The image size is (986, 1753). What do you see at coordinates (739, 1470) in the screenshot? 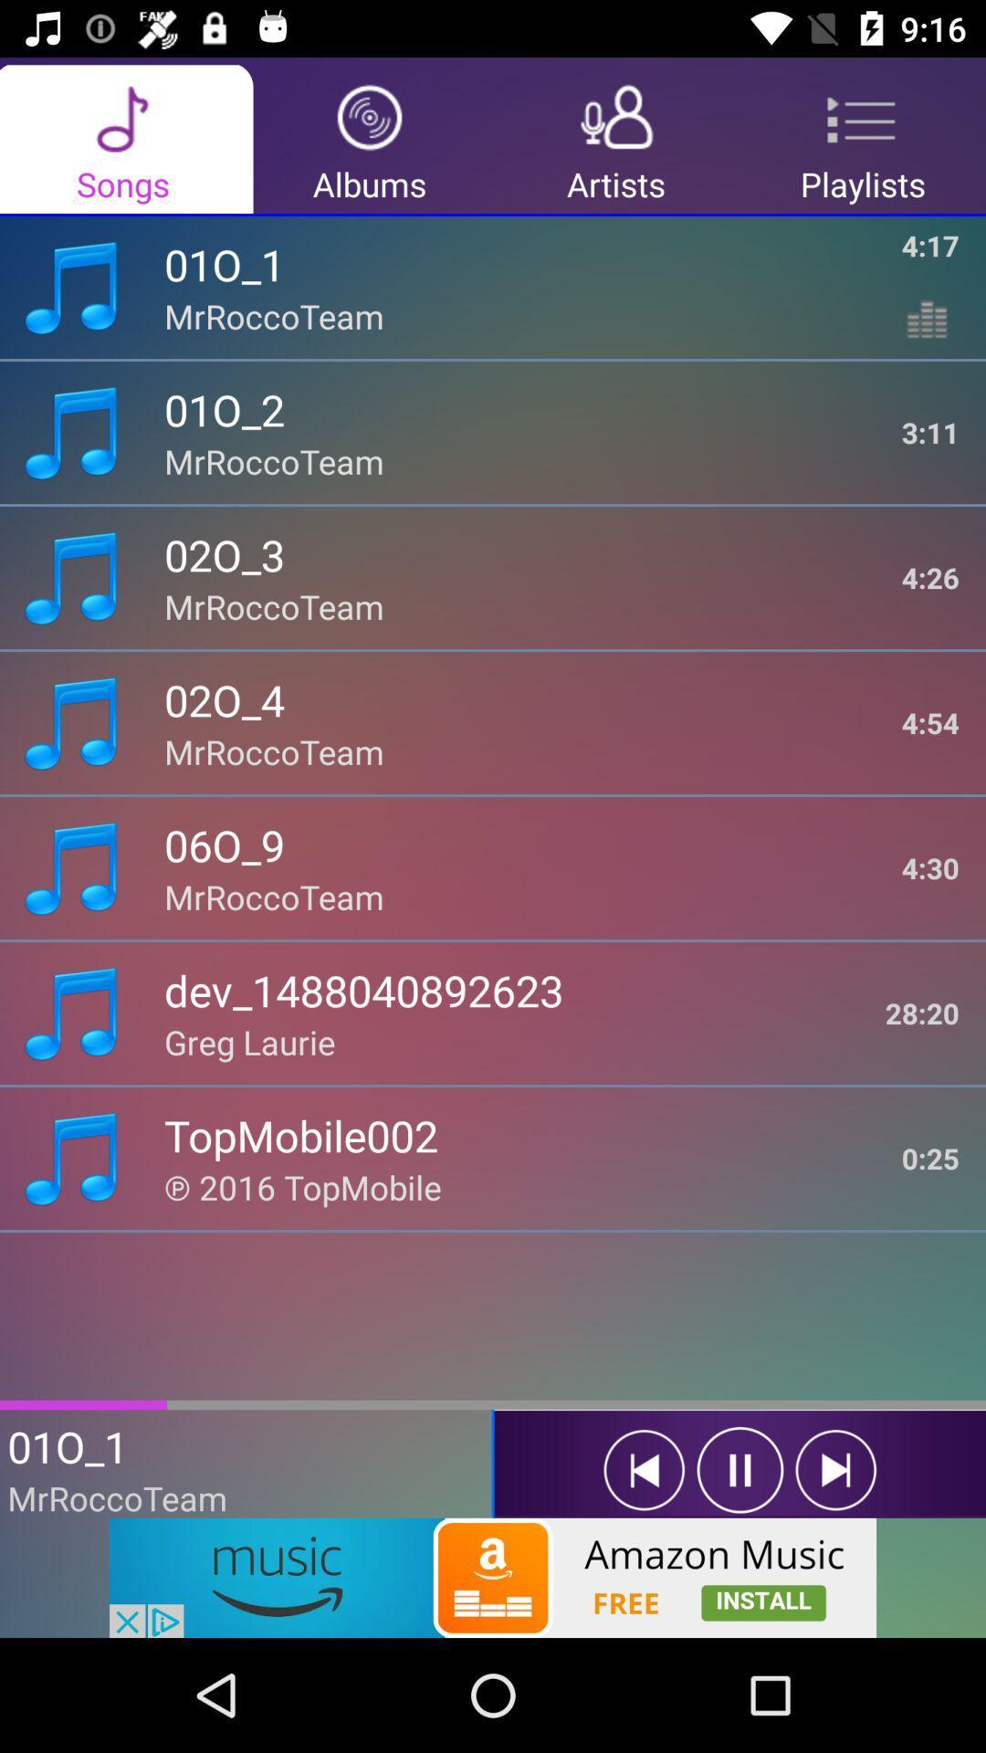
I see `the pause icon` at bounding box center [739, 1470].